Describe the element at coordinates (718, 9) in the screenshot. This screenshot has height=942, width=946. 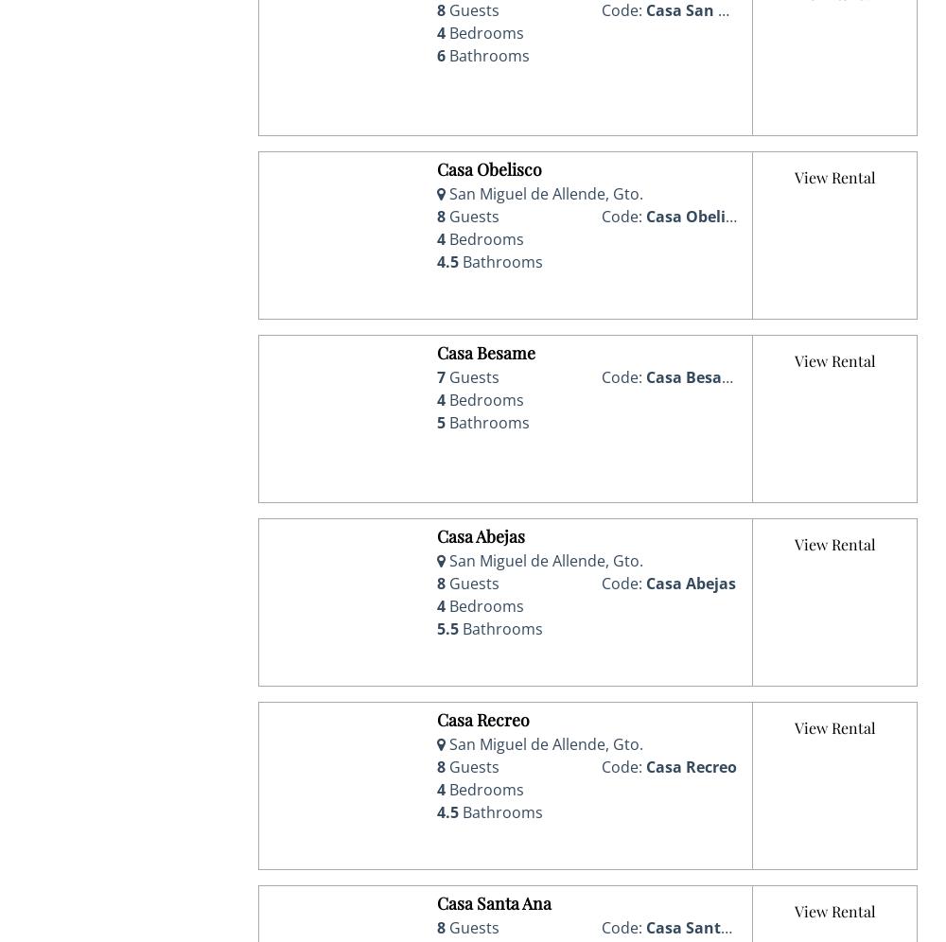
I see `'Casa San Francisco'` at that location.